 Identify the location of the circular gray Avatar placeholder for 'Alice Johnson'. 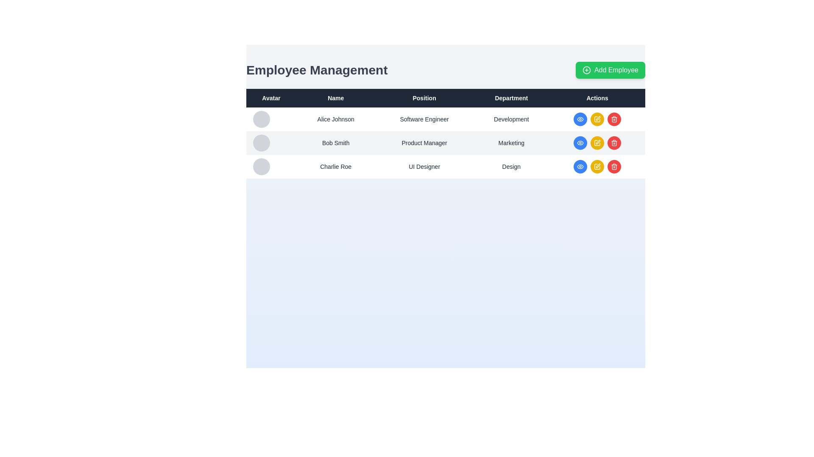
(270, 119).